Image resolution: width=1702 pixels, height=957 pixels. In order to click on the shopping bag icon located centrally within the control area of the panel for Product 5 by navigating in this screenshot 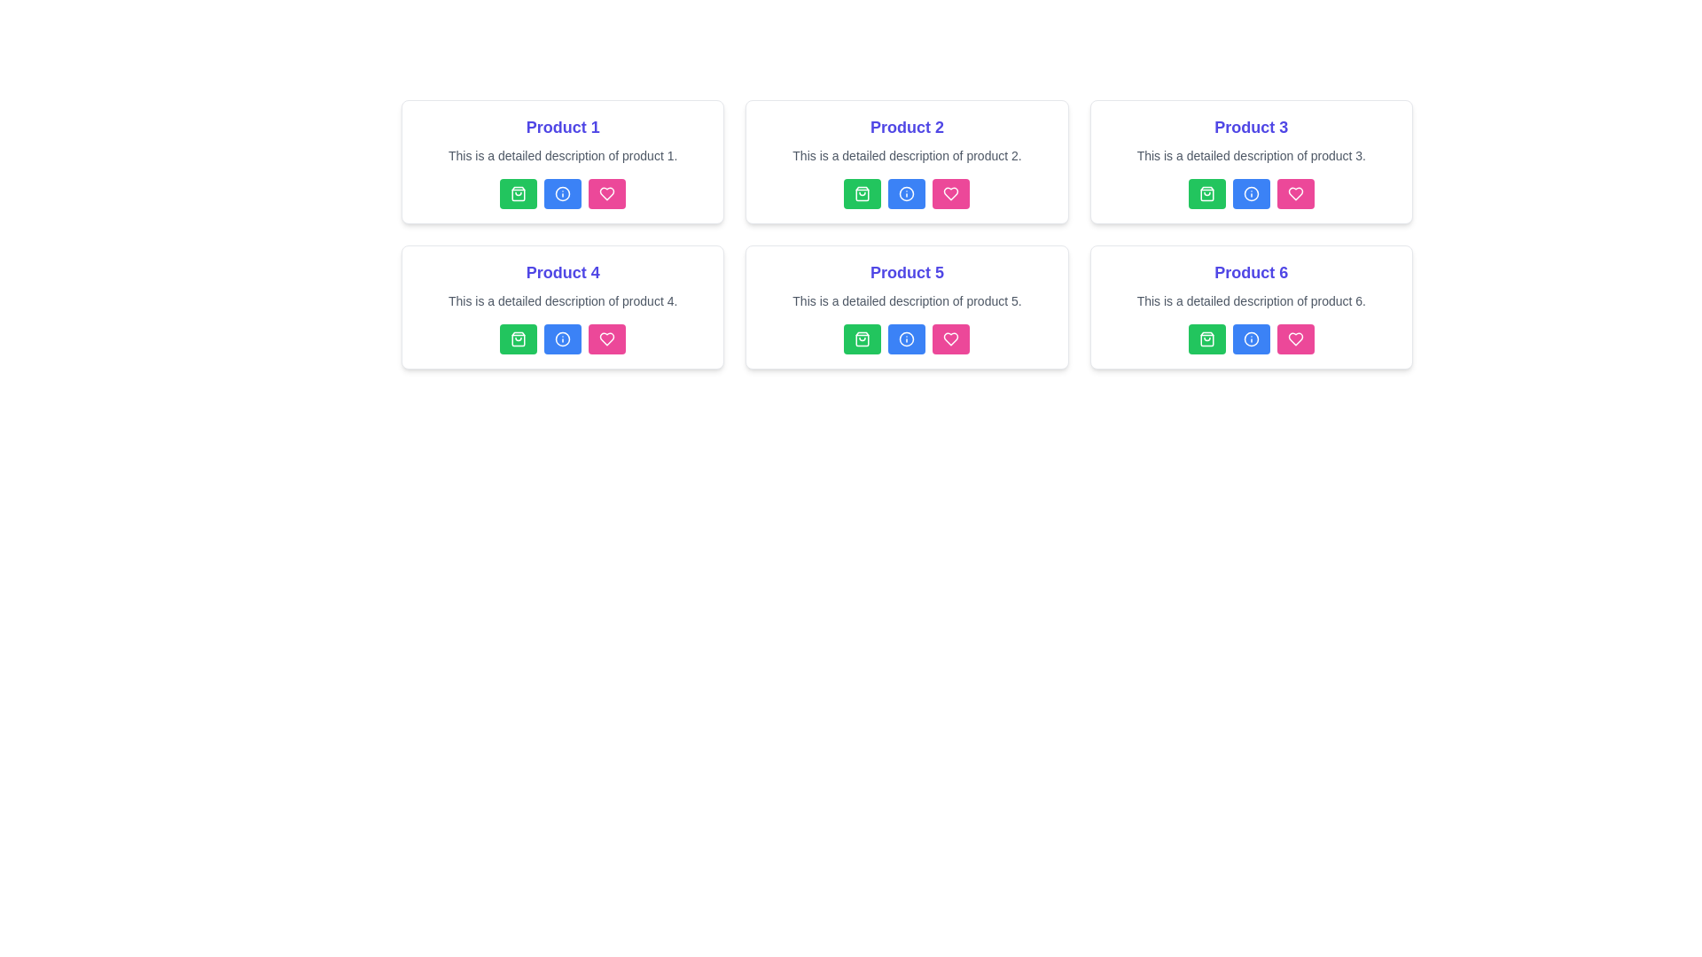, I will do `click(863, 338)`.